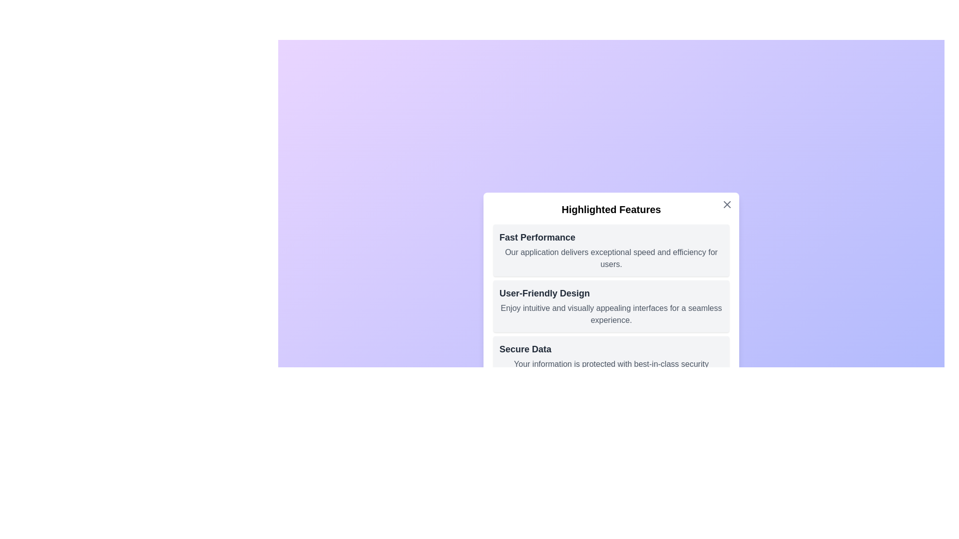 Image resolution: width=959 pixels, height=539 pixels. Describe the element at coordinates (727, 204) in the screenshot. I see `the close button to dismiss the dialog` at that location.